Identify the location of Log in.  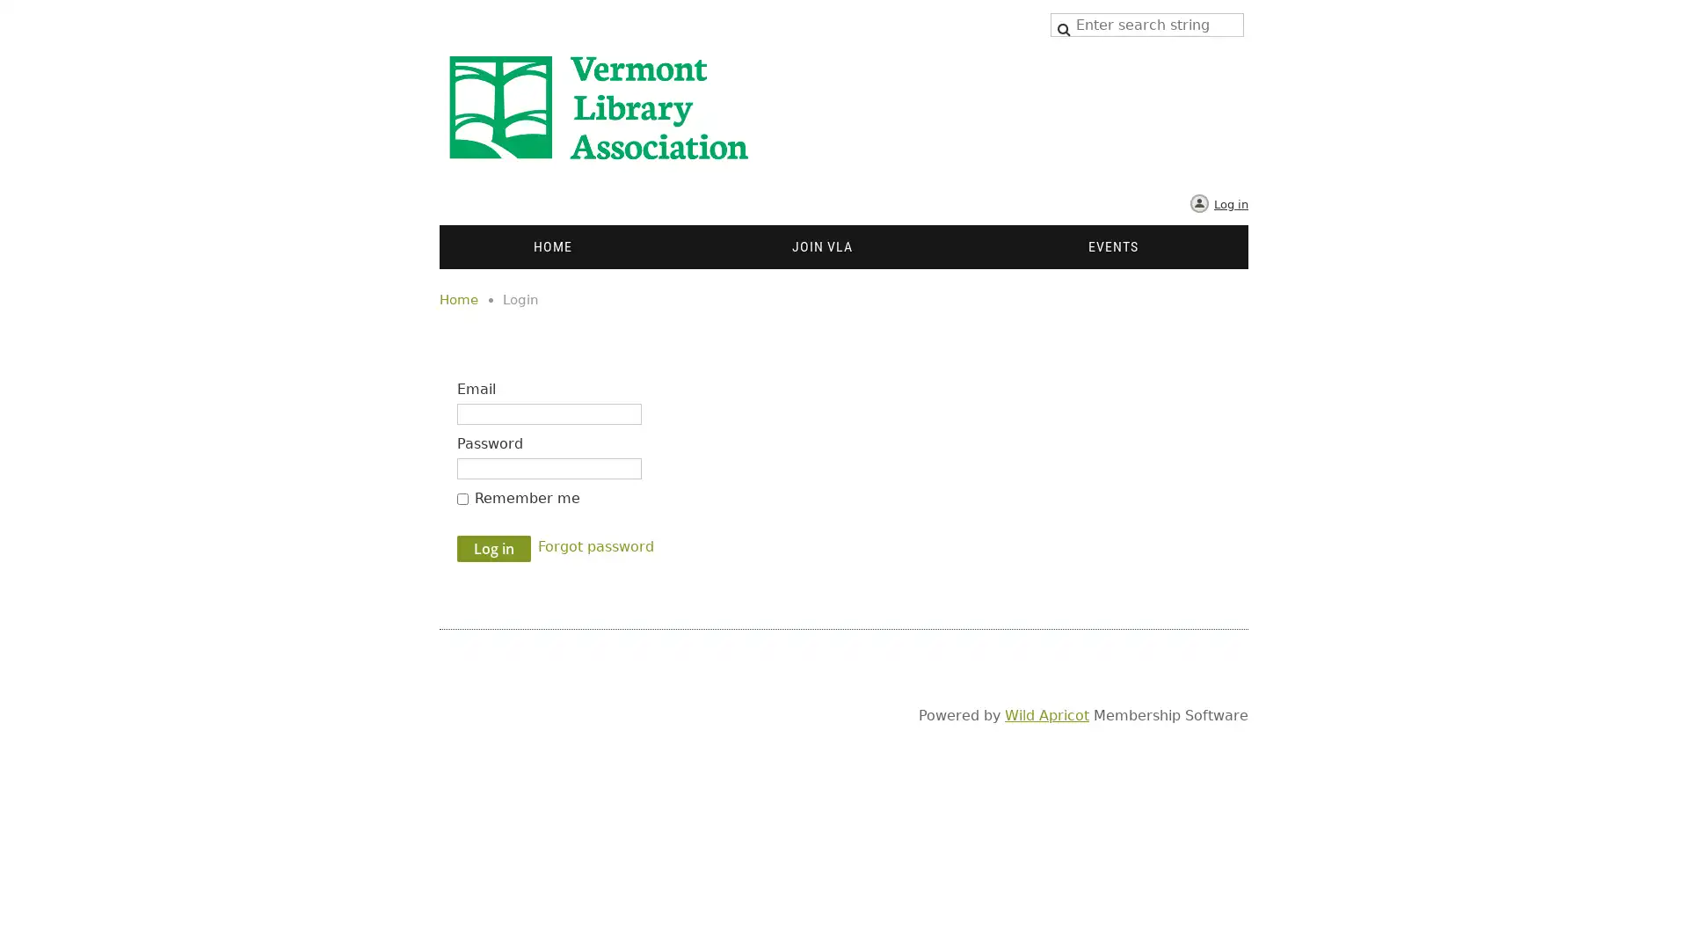
(492, 548).